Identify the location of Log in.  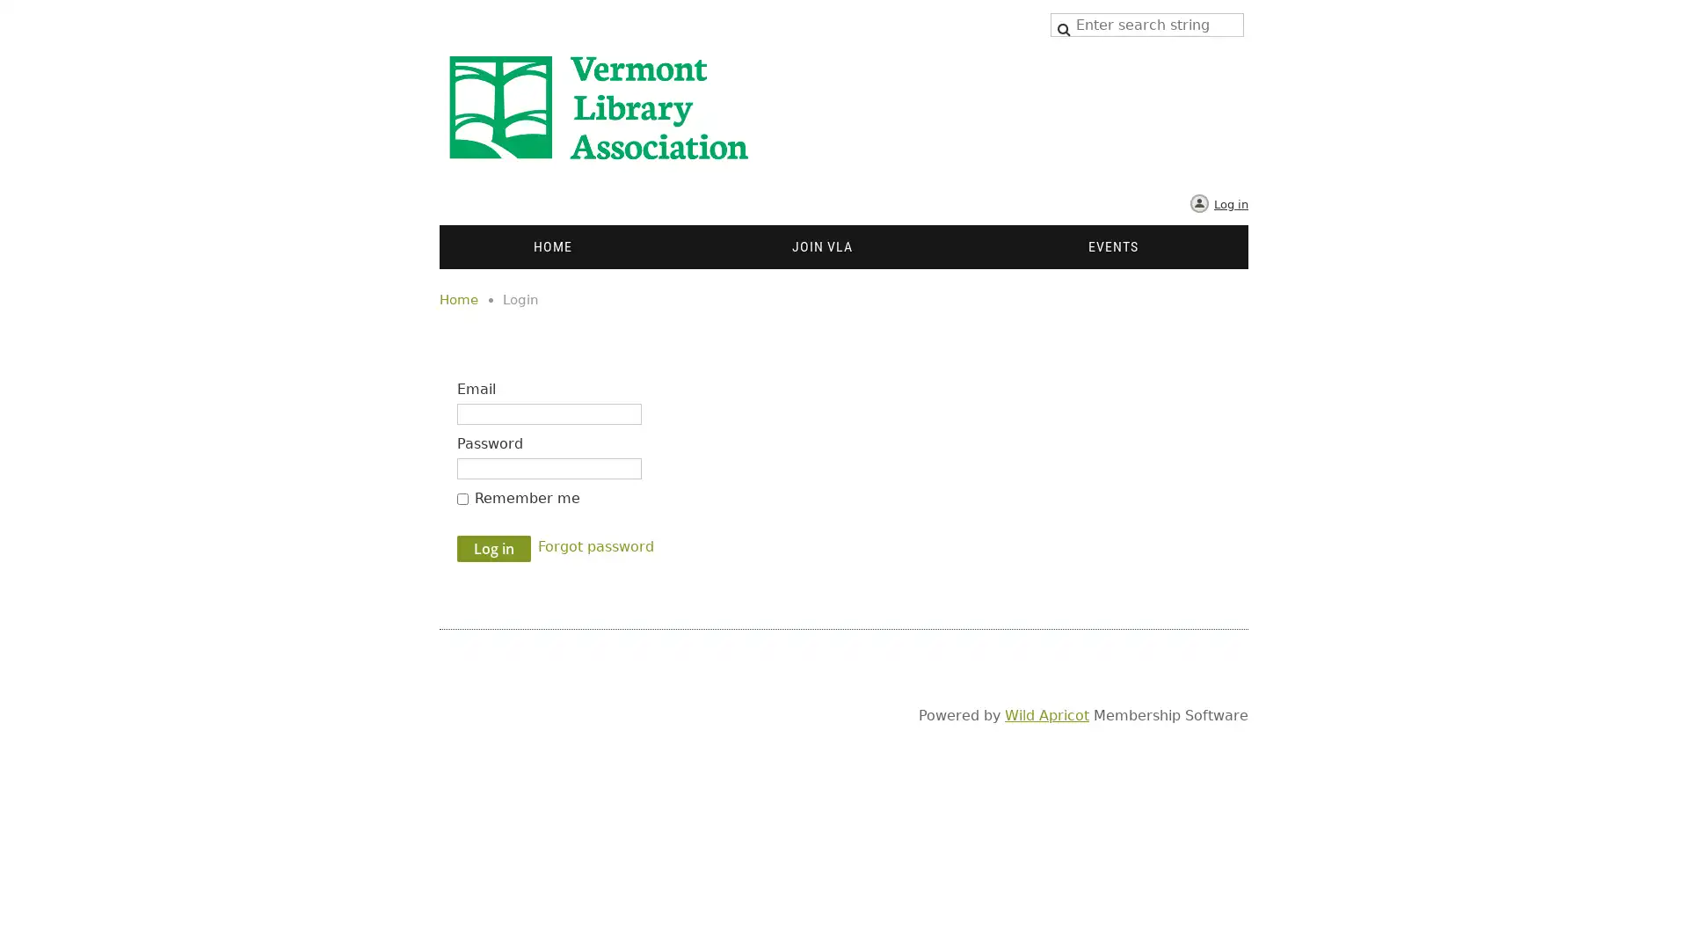
(492, 548).